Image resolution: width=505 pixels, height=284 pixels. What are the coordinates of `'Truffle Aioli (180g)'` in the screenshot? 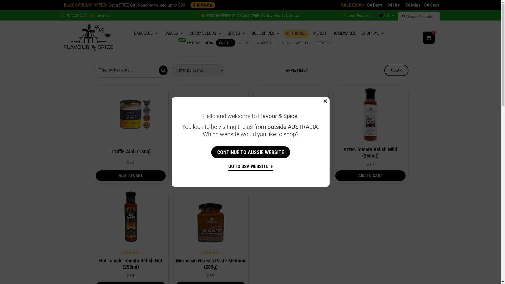 It's located at (131, 151).